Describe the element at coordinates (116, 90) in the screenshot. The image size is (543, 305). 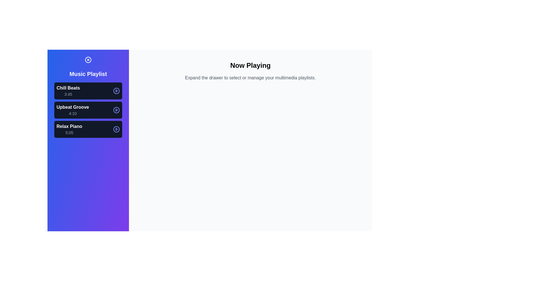
I see `the play/pause button for the track Chill Beats` at that location.